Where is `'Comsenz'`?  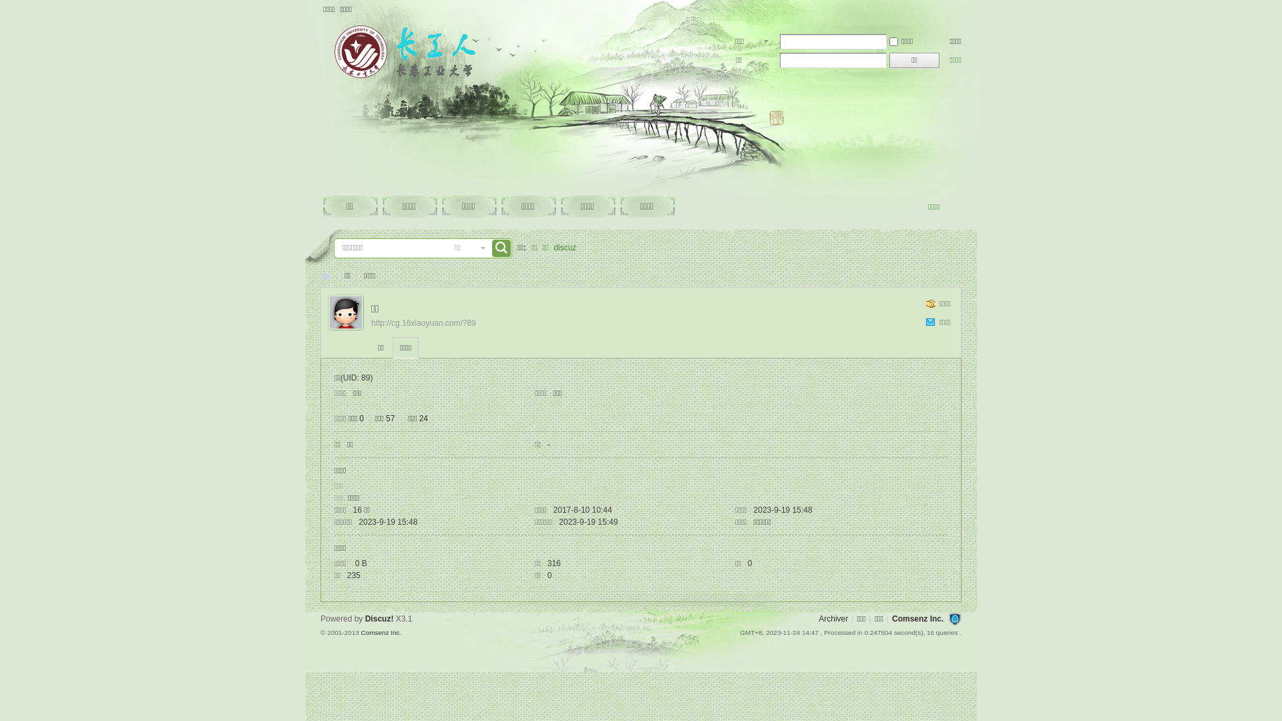
'Comsenz' is located at coordinates (375, 632).